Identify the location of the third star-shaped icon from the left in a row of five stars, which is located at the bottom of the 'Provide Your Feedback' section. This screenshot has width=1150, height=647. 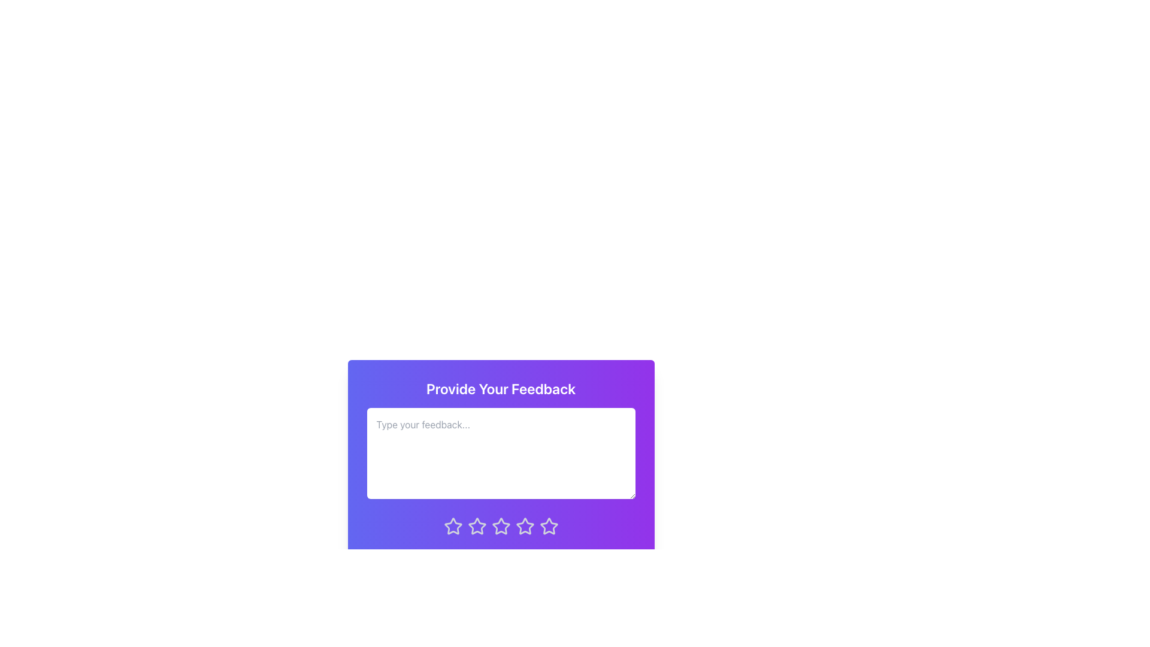
(476, 526).